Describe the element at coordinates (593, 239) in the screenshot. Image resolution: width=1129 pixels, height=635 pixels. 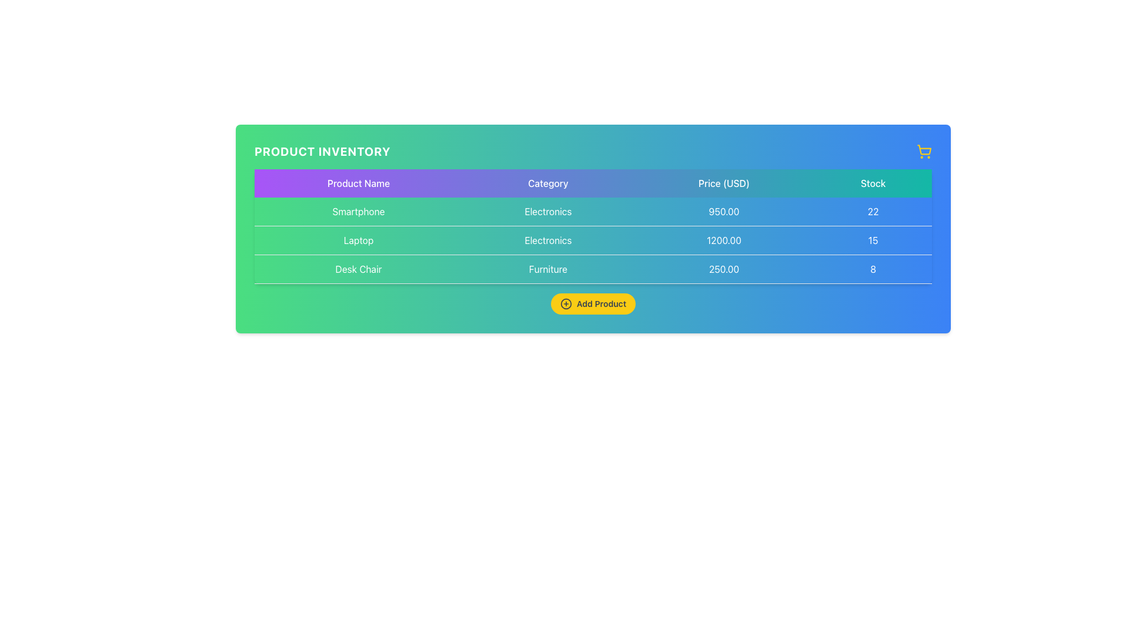
I see `the second row of the product inventory table that contains the textual data: 'Laptop', 'Electronics', '1200.00', and '15'` at that location.